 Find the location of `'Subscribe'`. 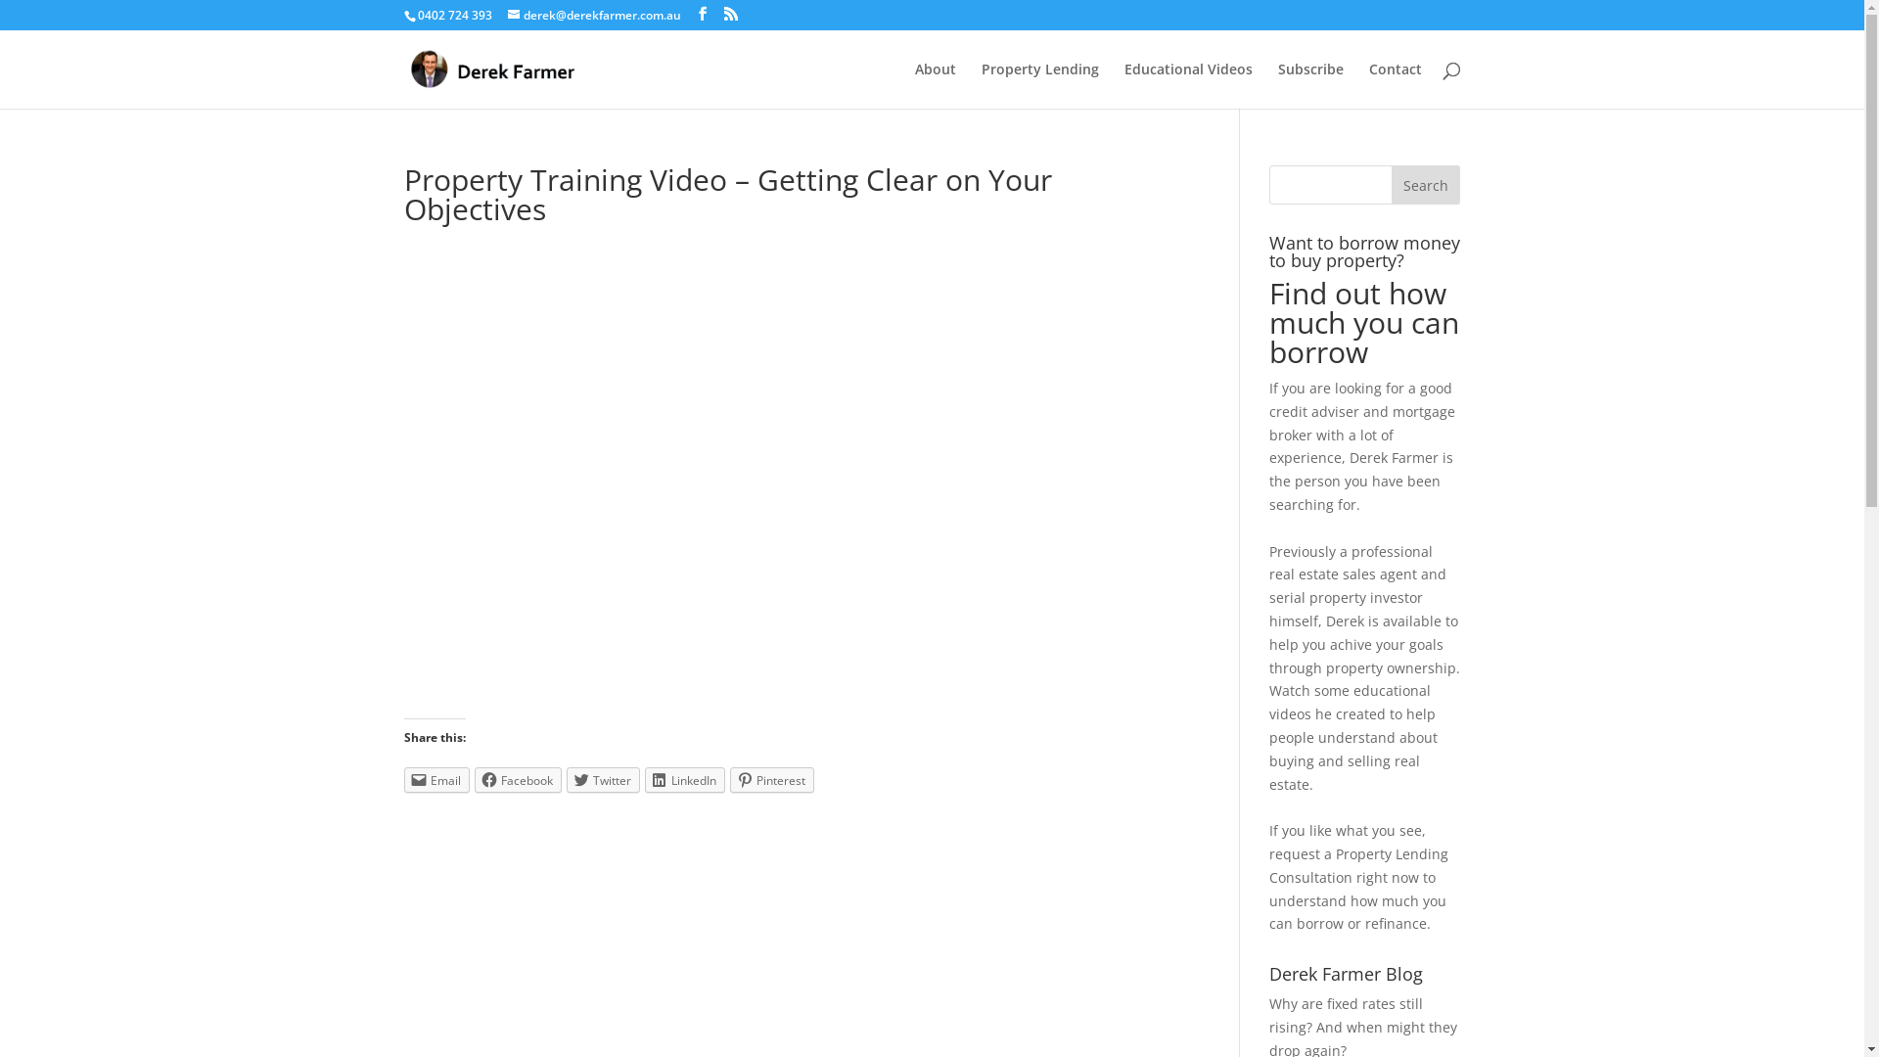

'Subscribe' is located at coordinates (1310, 84).